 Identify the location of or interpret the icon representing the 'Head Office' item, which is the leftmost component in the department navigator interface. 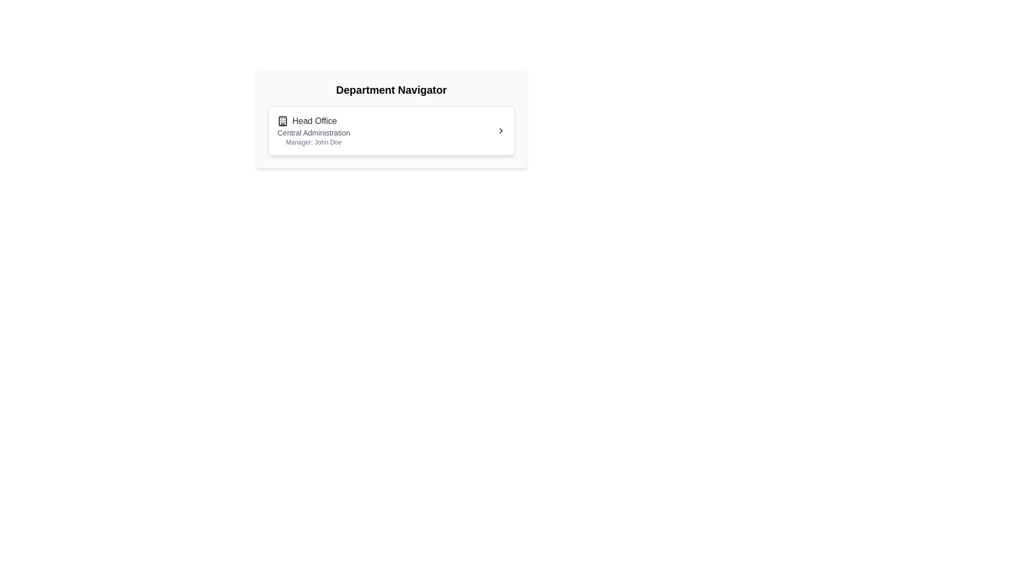
(282, 120).